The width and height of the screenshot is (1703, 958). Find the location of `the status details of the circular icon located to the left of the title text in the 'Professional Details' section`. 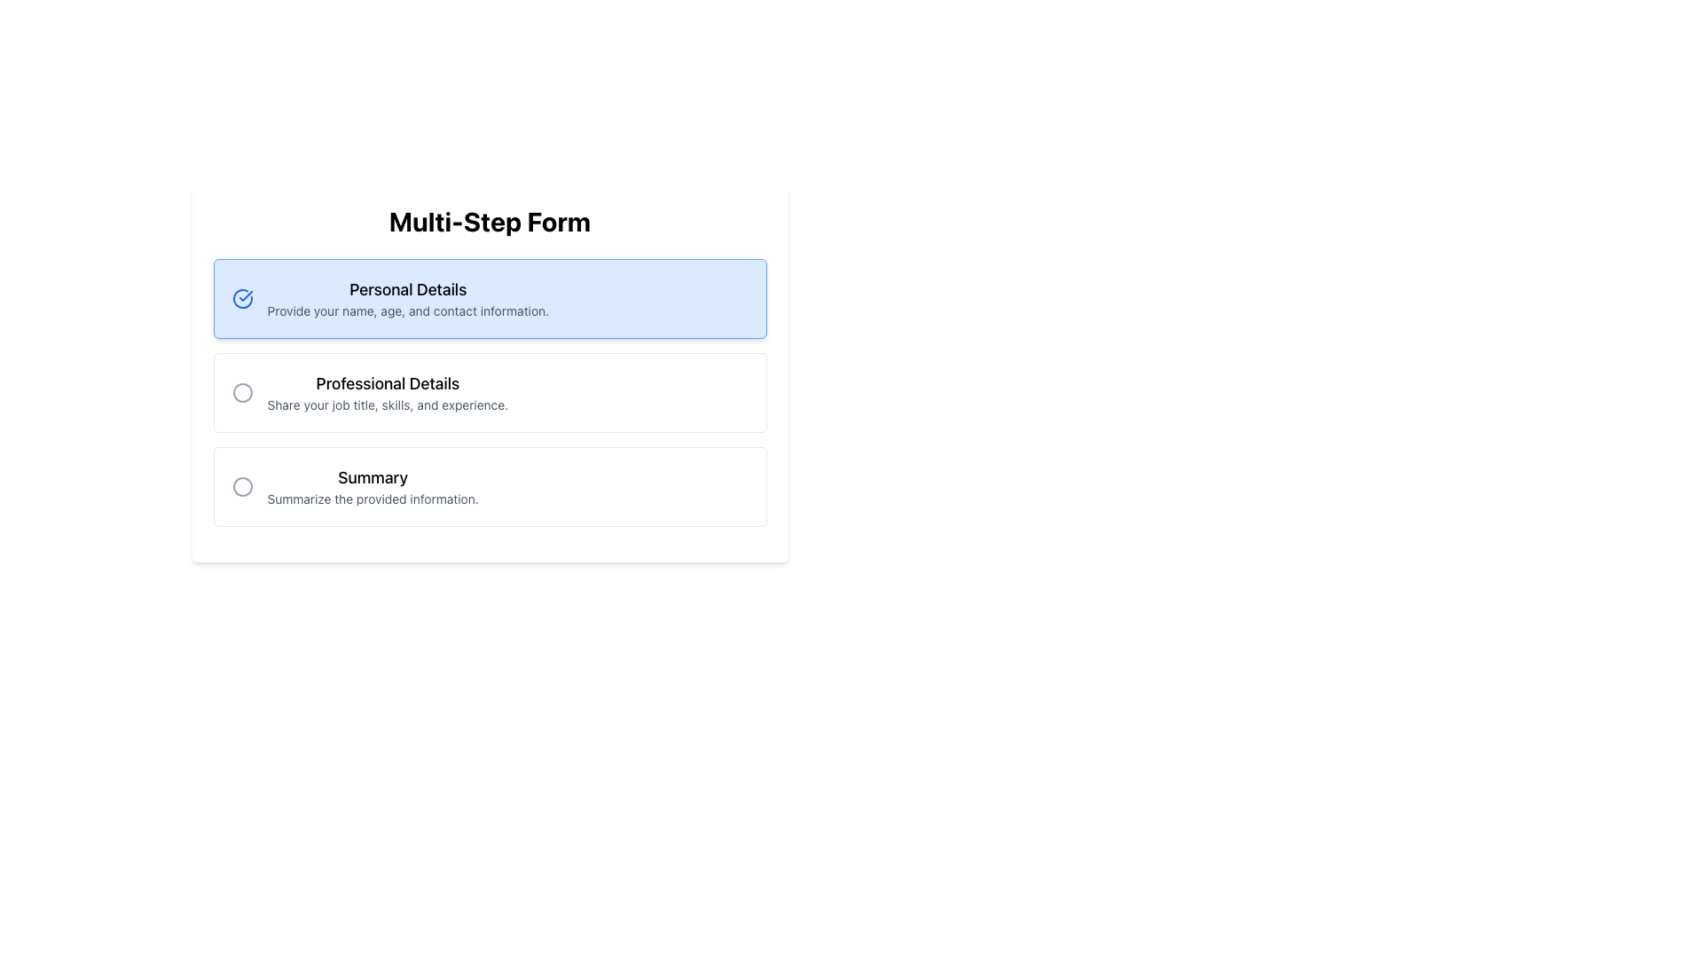

the status details of the circular icon located to the left of the title text in the 'Professional Details' section is located at coordinates (241, 392).